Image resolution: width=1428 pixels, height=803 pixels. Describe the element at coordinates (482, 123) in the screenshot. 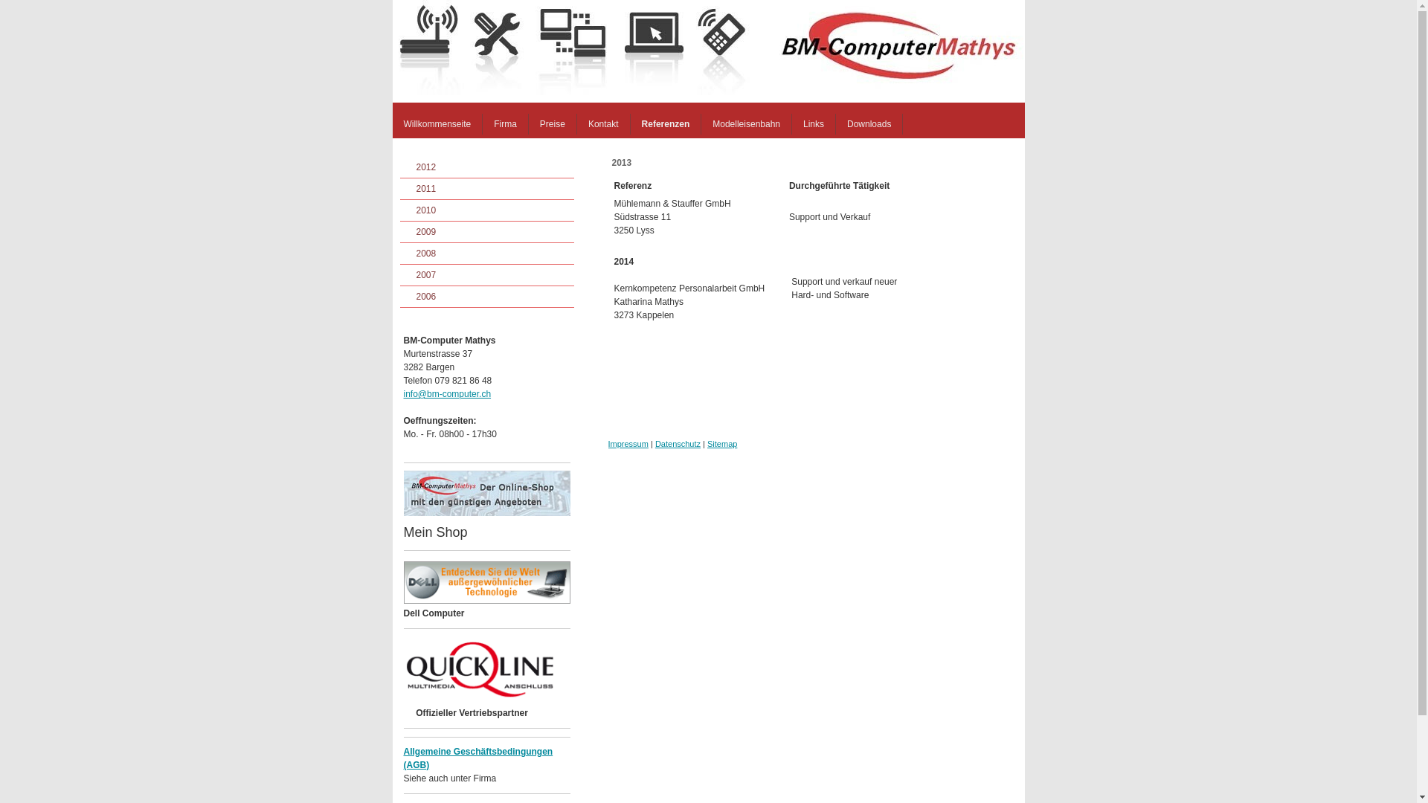

I see `'Firma'` at that location.